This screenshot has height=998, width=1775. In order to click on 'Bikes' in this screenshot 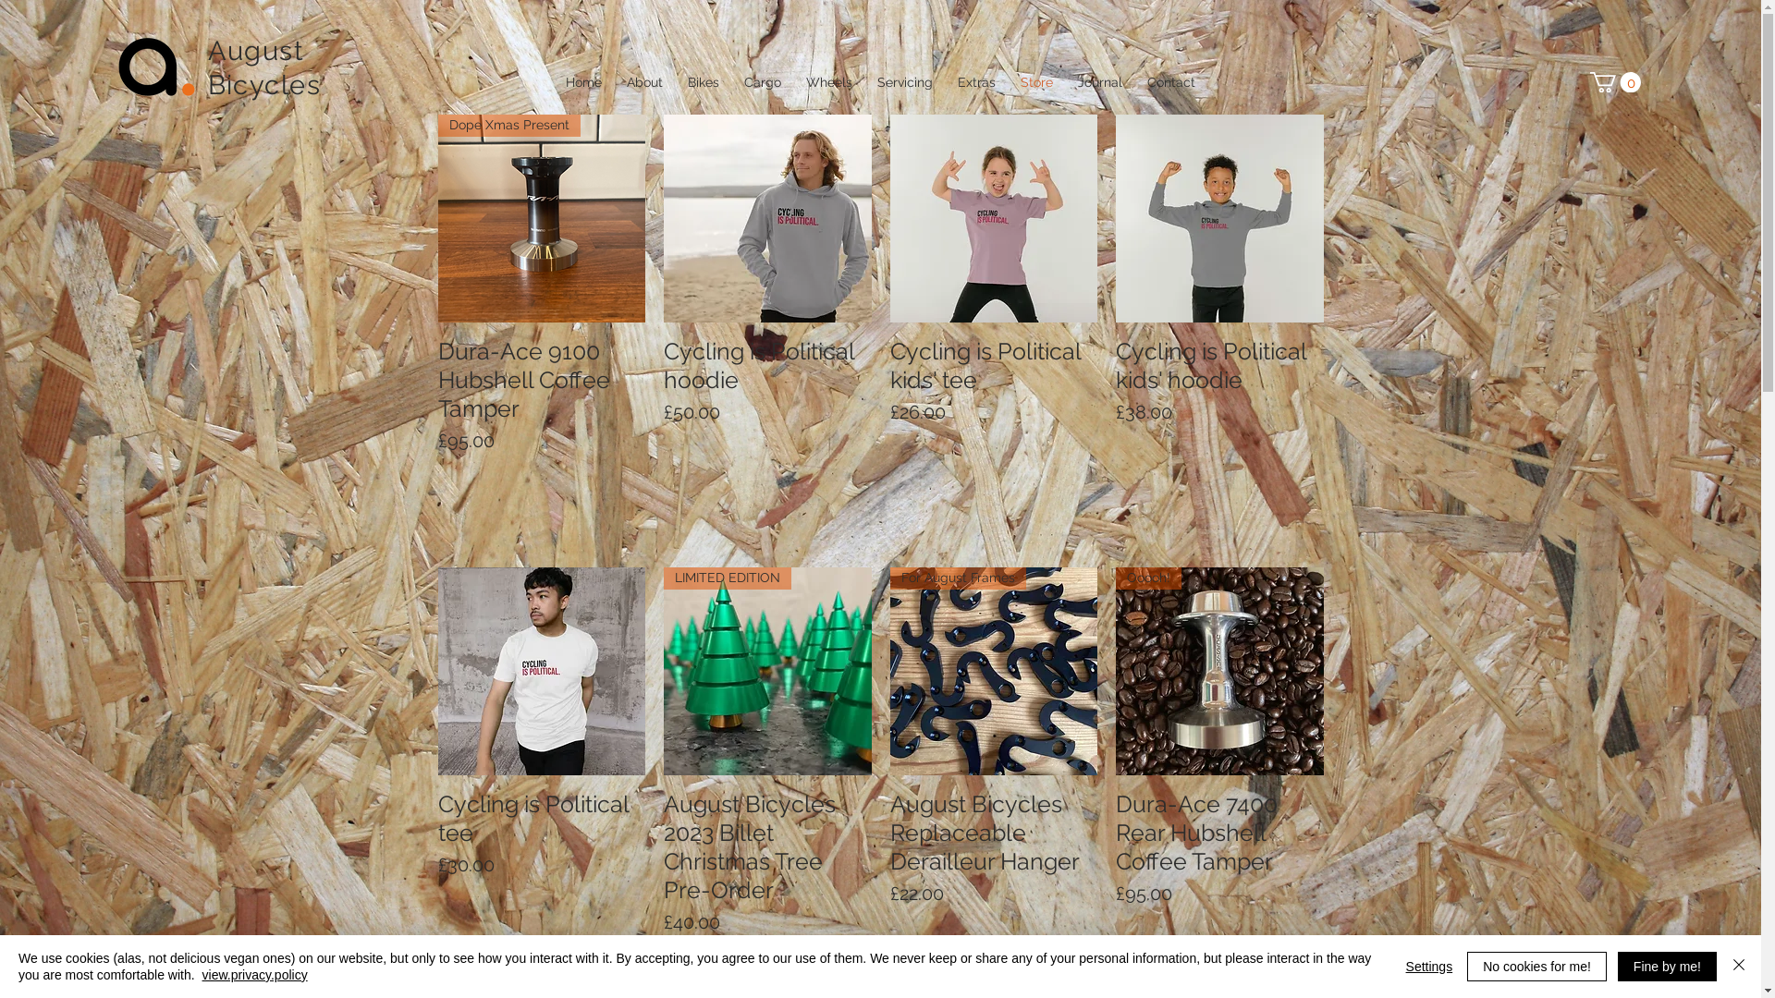, I will do `click(702, 80)`.